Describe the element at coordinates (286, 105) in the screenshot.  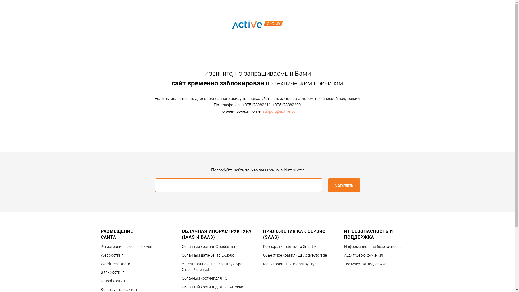
I see `'+375173082200'` at that location.